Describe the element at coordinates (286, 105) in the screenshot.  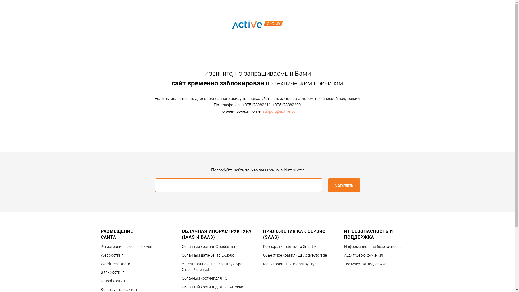
I see `'+375173082200'` at that location.